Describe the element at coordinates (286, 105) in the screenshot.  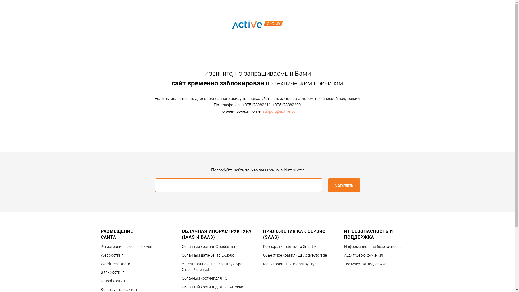
I see `'+375173082200'` at that location.